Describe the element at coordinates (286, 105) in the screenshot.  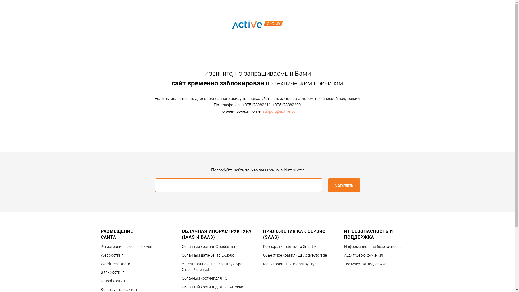
I see `'+375173082200'` at that location.